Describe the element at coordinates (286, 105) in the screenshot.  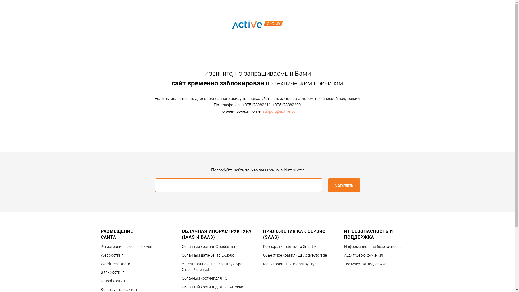
I see `'+375173082200'` at that location.